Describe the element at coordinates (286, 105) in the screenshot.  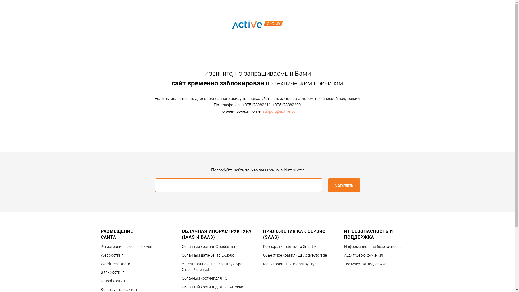
I see `'+375173082200'` at that location.